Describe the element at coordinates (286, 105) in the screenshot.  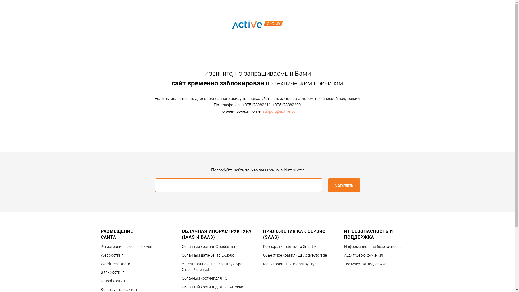
I see `'+375173082200'` at that location.